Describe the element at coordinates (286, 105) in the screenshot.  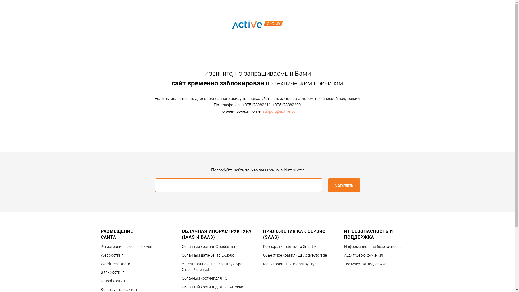
I see `'+375173082200'` at that location.